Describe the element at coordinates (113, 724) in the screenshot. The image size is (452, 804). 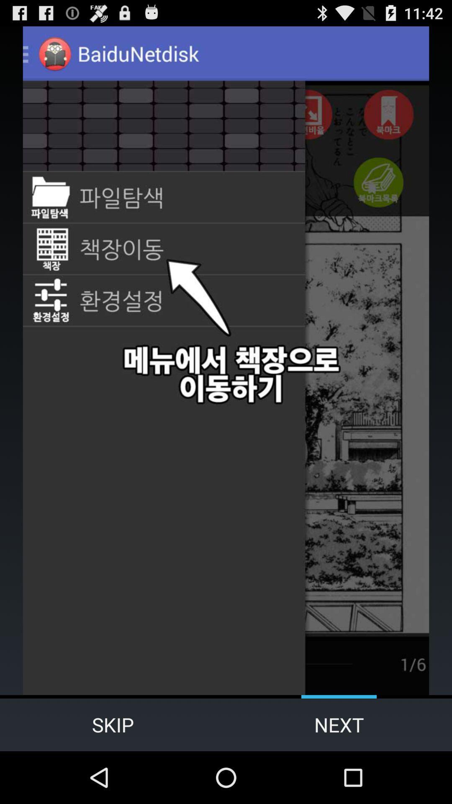
I see `the button next to the next icon` at that location.